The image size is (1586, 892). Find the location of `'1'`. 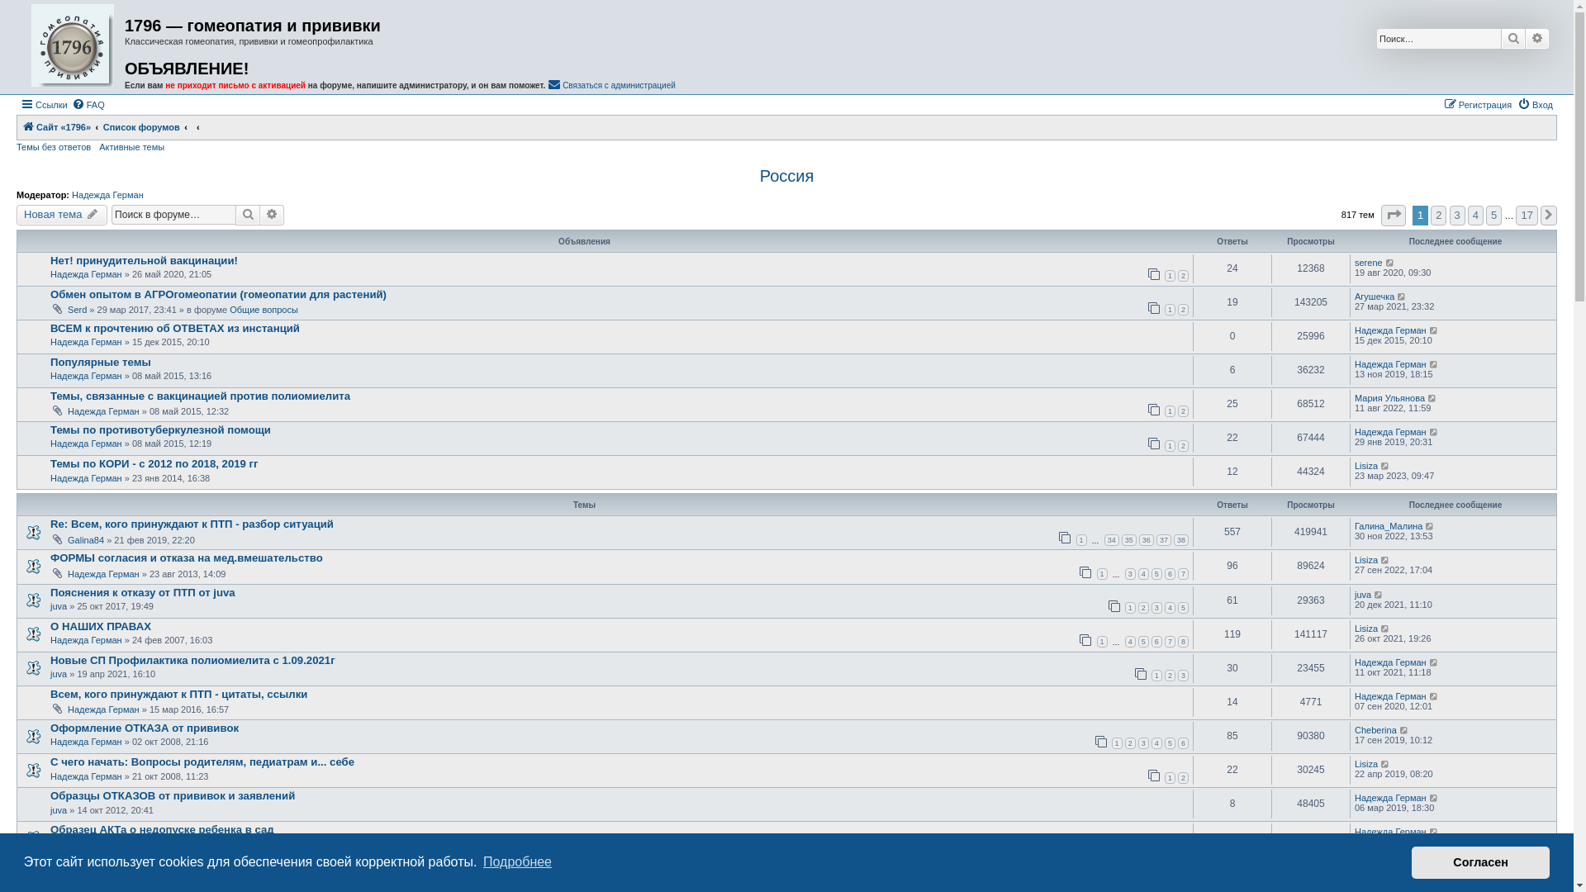

'1' is located at coordinates (1169, 275).